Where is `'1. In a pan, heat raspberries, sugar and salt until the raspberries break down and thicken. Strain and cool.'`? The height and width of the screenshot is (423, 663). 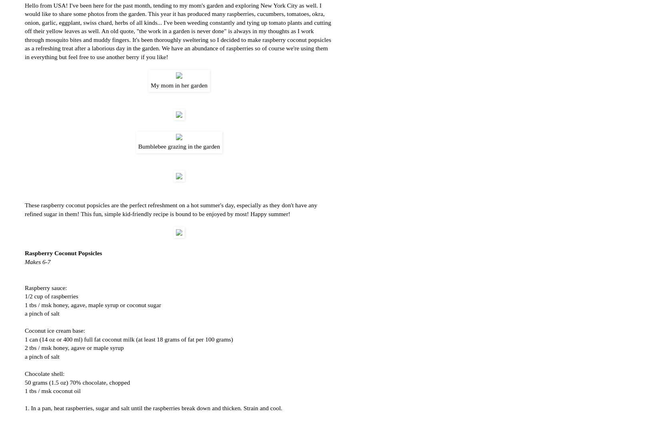 '1. In a pan, heat raspberries, sugar and salt until the raspberries break down and thicken. Strain and cool.' is located at coordinates (24, 407).